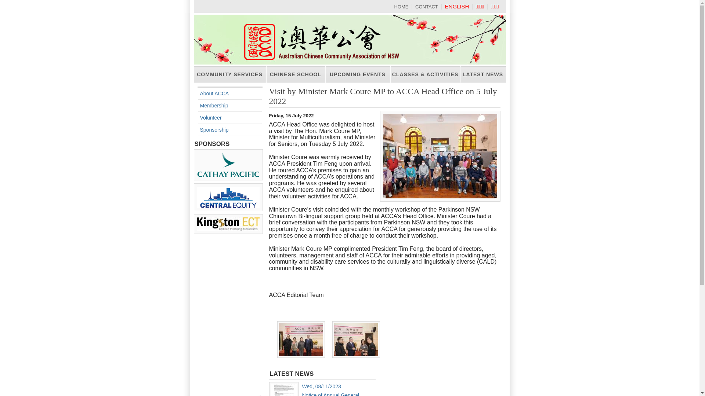  I want to click on 'CHINESE SCHOOL', so click(295, 74).